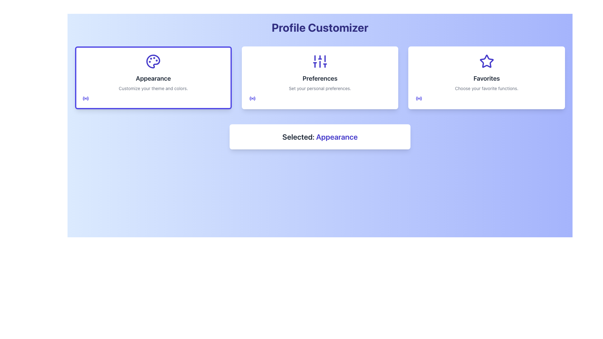 The image size is (603, 339). What do you see at coordinates (486, 62) in the screenshot?
I see `the star-shaped icon outlined in indigo color located at the top center of the 'Favorites' card, which is the rightmost card in the row` at bounding box center [486, 62].